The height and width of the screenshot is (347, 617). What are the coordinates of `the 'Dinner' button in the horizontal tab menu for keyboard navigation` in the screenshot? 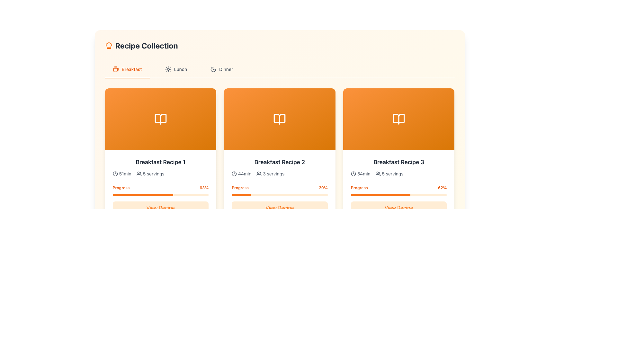 It's located at (221, 69).